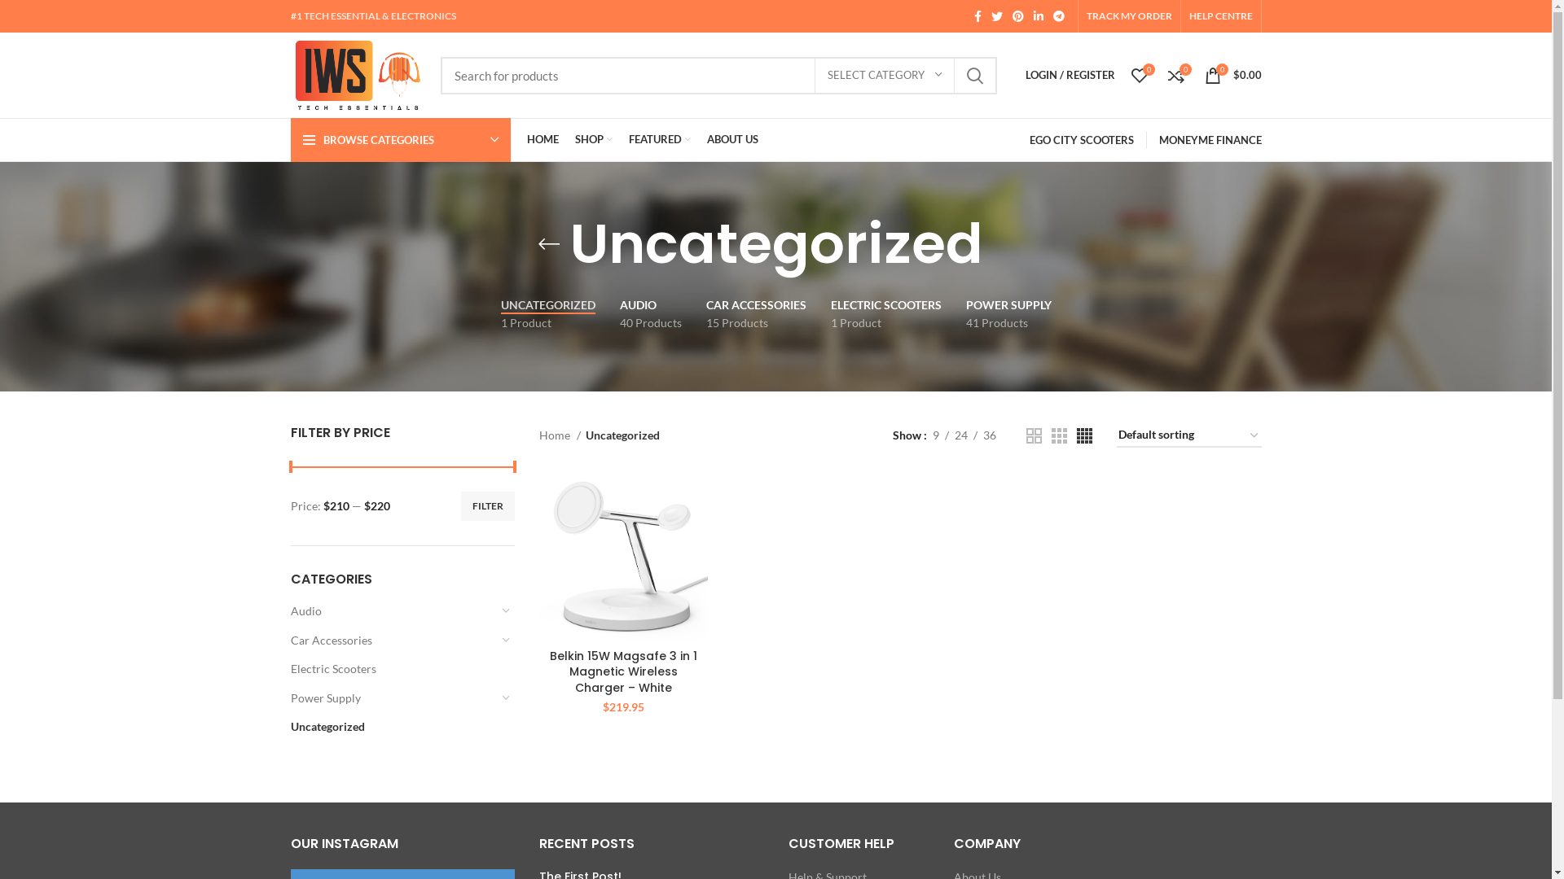 The width and height of the screenshot is (1564, 879). I want to click on 'FEATURED', so click(660, 139).